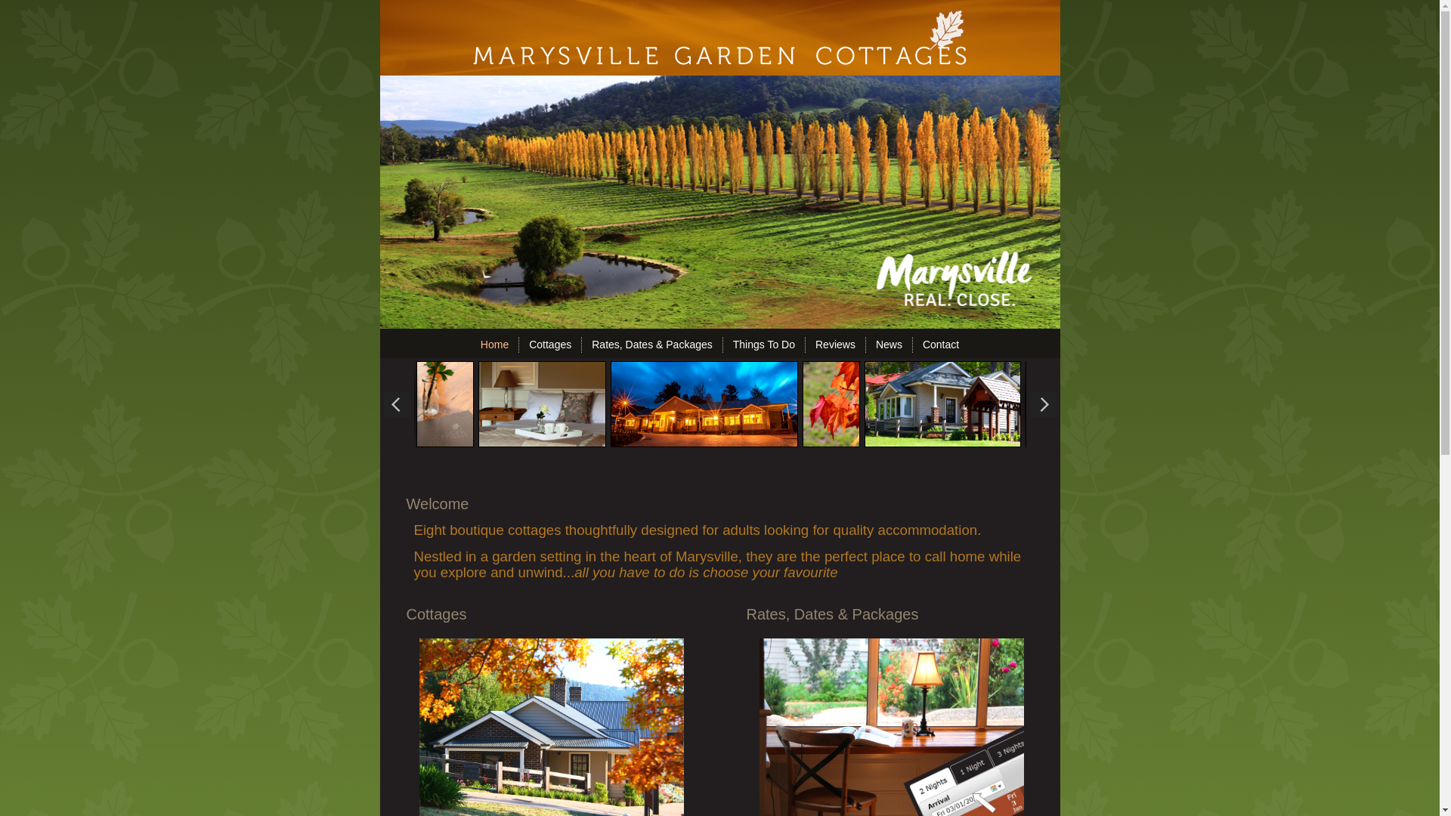  Describe the element at coordinates (726, 344) in the screenshot. I see `'Things To Do'` at that location.